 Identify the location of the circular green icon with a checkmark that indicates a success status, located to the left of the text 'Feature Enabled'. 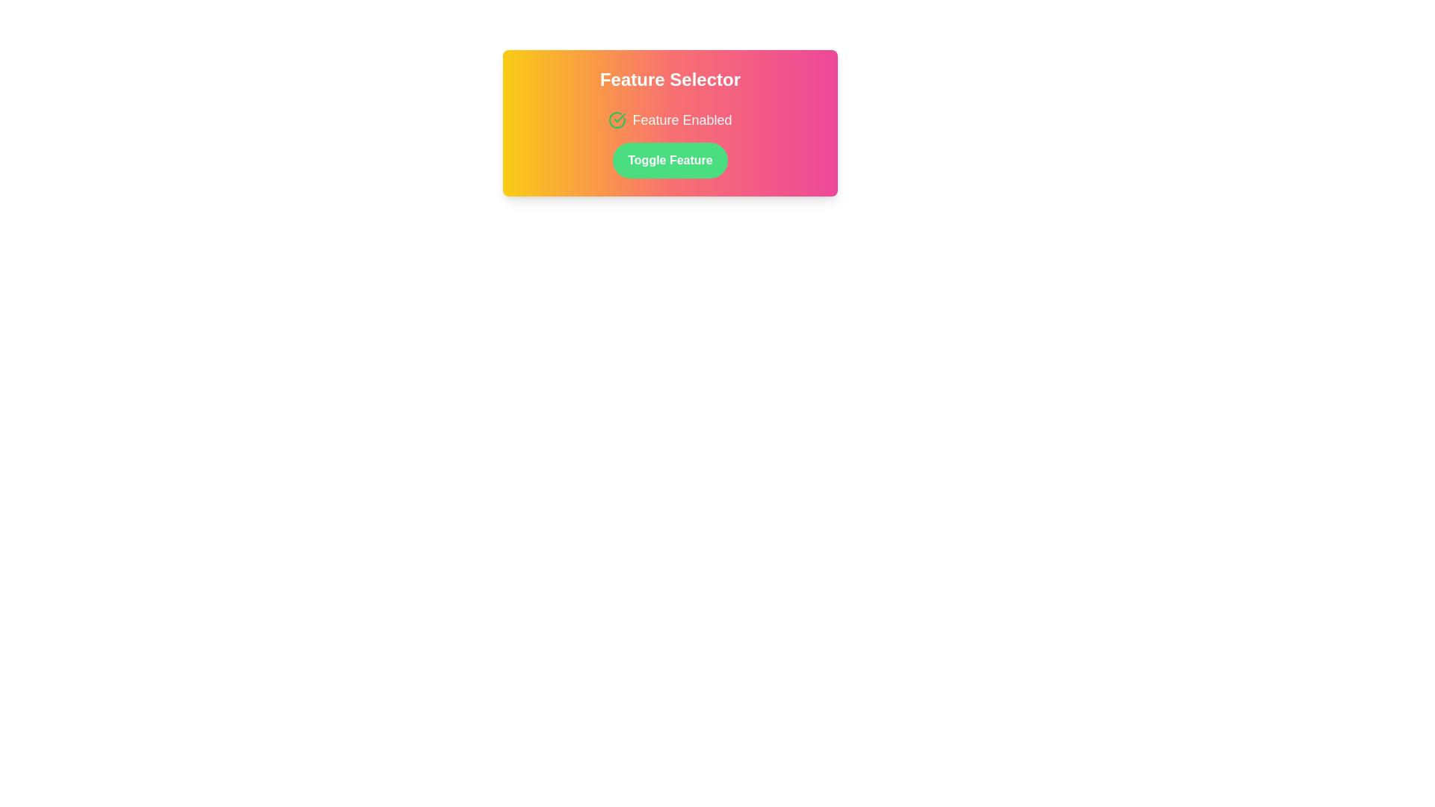
(617, 120).